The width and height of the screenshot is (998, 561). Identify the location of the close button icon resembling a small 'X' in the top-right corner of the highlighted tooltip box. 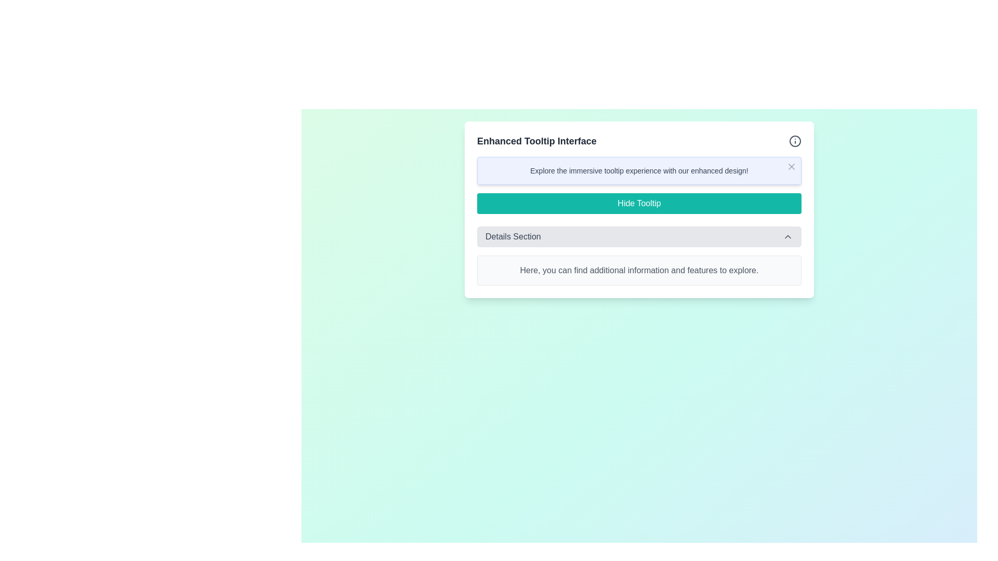
(791, 166).